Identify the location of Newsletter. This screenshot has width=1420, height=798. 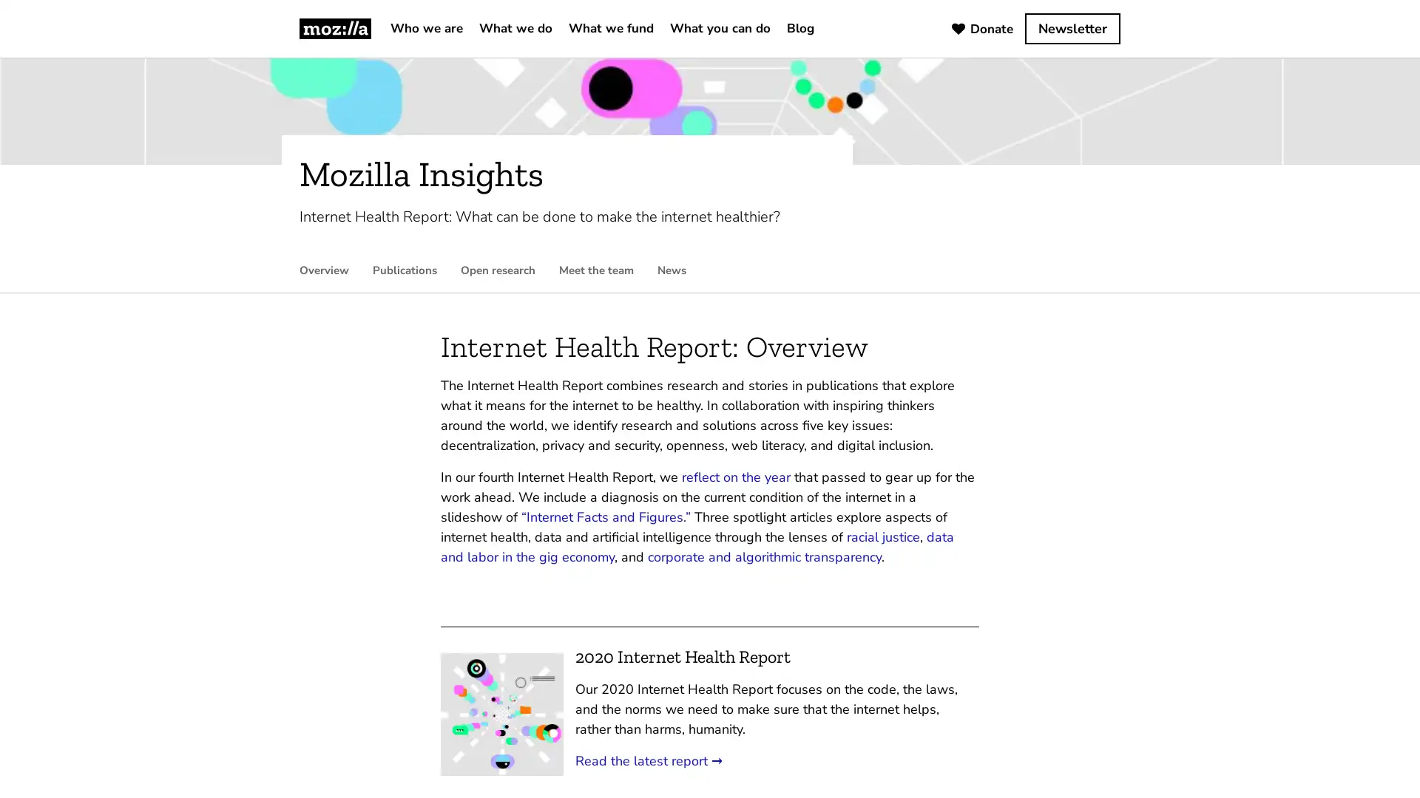
(1072, 28).